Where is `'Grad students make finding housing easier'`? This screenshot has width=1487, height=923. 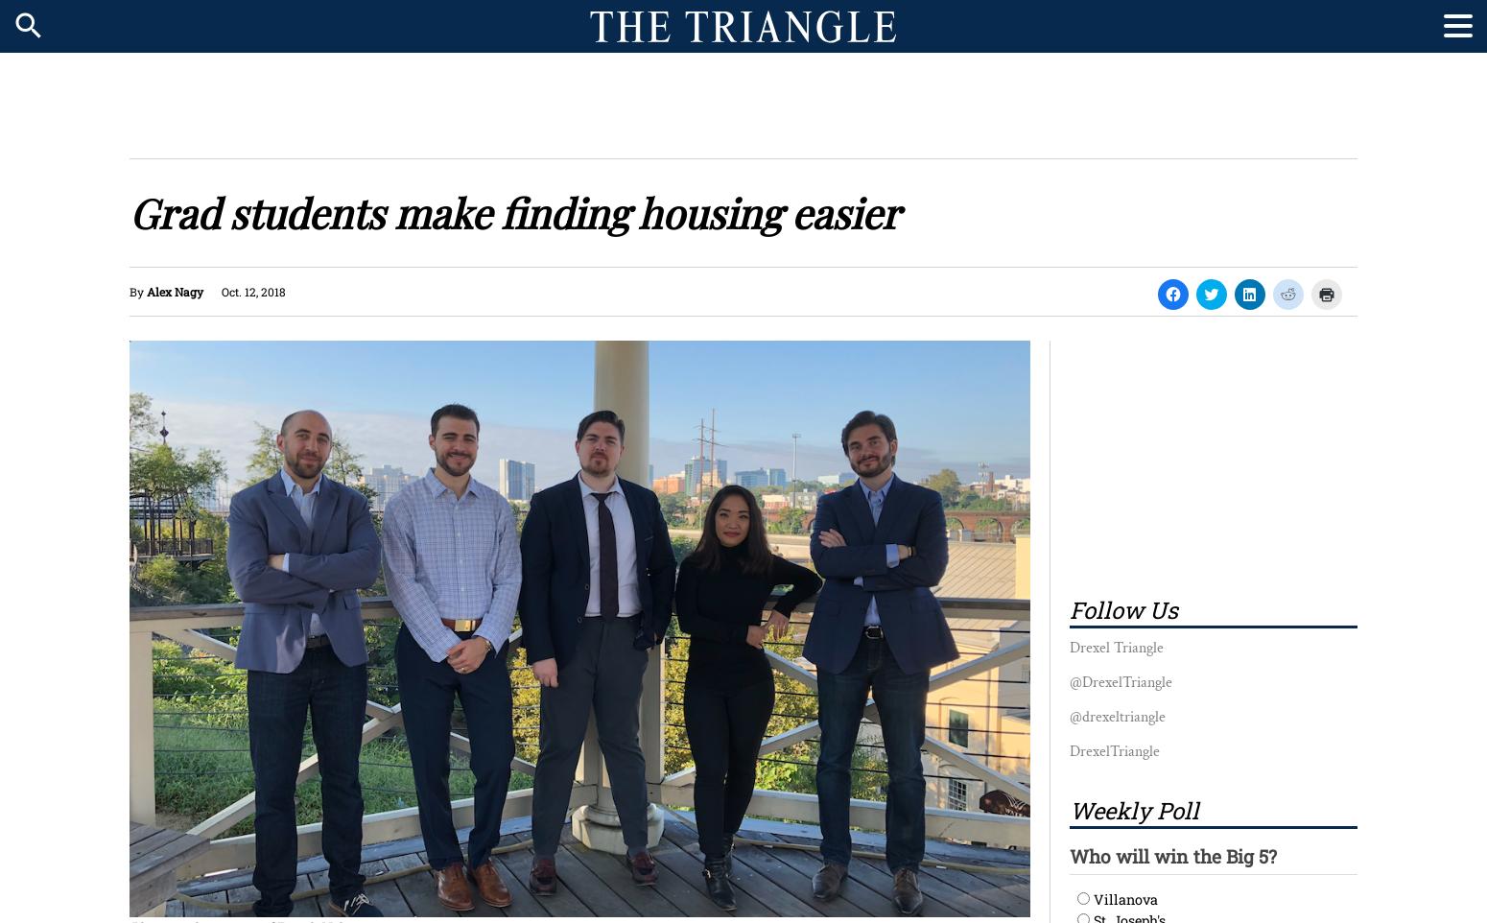 'Grad students make finding housing easier' is located at coordinates (513, 212).